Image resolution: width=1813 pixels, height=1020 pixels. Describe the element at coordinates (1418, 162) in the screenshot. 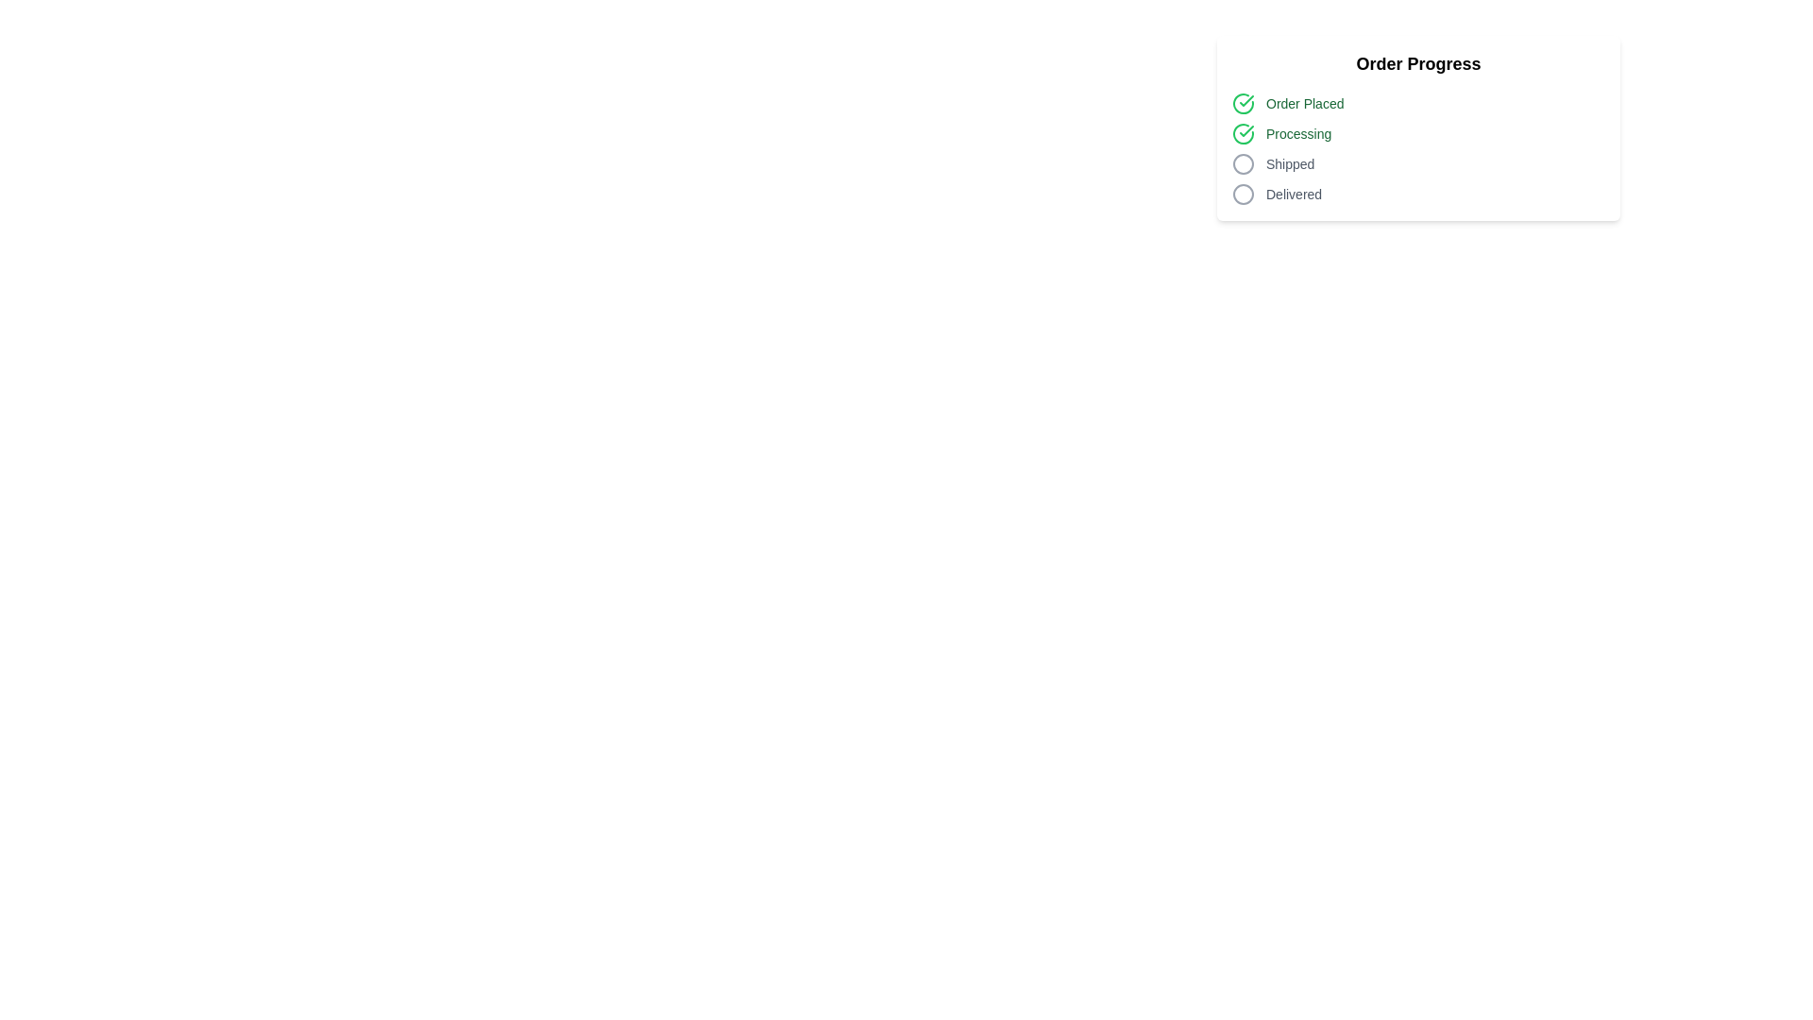

I see `the 'Shipped' stage in the order progress tracker, which is the third item in the vertical sequence under 'Order Progress'` at that location.